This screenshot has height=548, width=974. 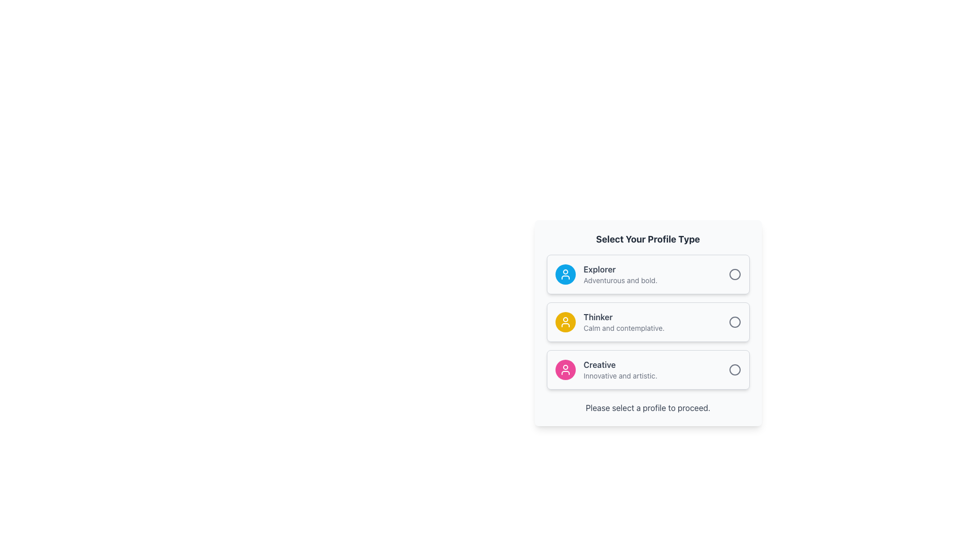 What do you see at coordinates (565, 370) in the screenshot?
I see `the 'Creative' profile icon located in the third profile card option, positioned to the left of the text 'Creative' and above the description 'Innovative and artistic.'` at bounding box center [565, 370].